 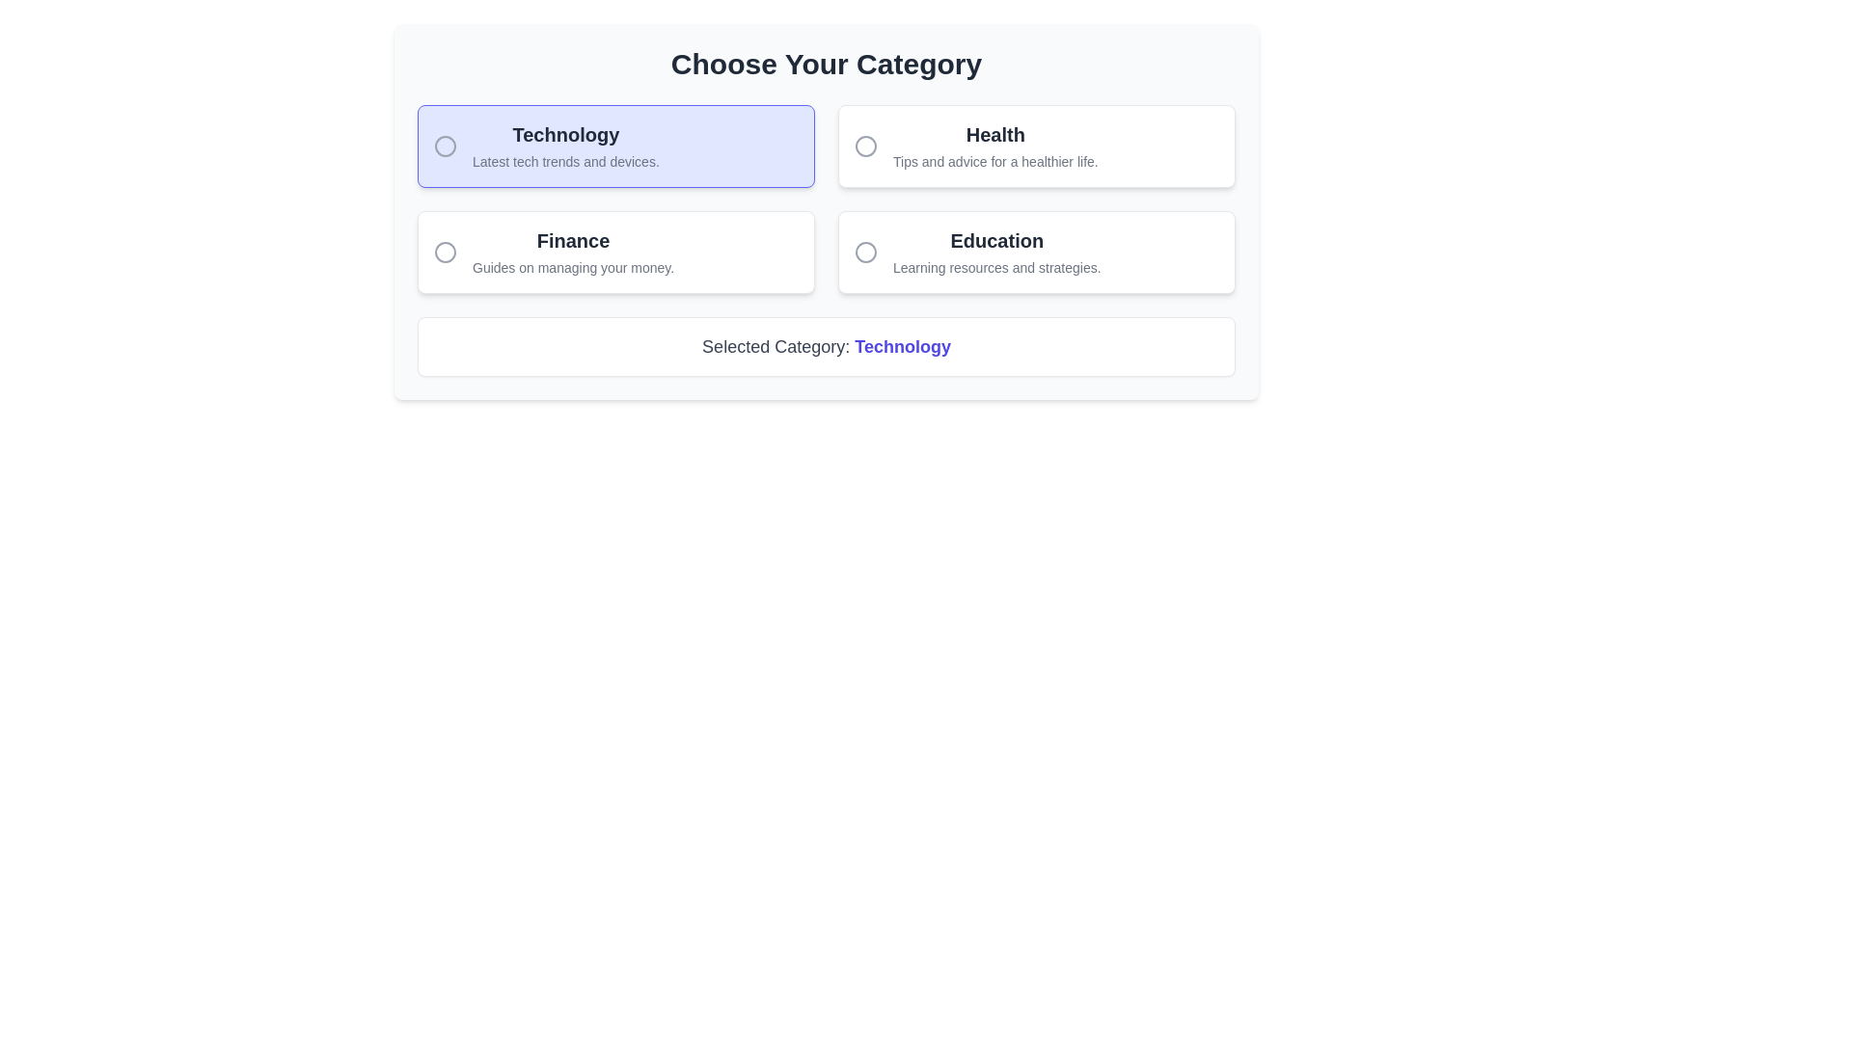 What do you see at coordinates (444, 252) in the screenshot?
I see `the circular iconography component located in the 'Finance' option box, which is visually defined by a stroke circle without a fill` at bounding box center [444, 252].